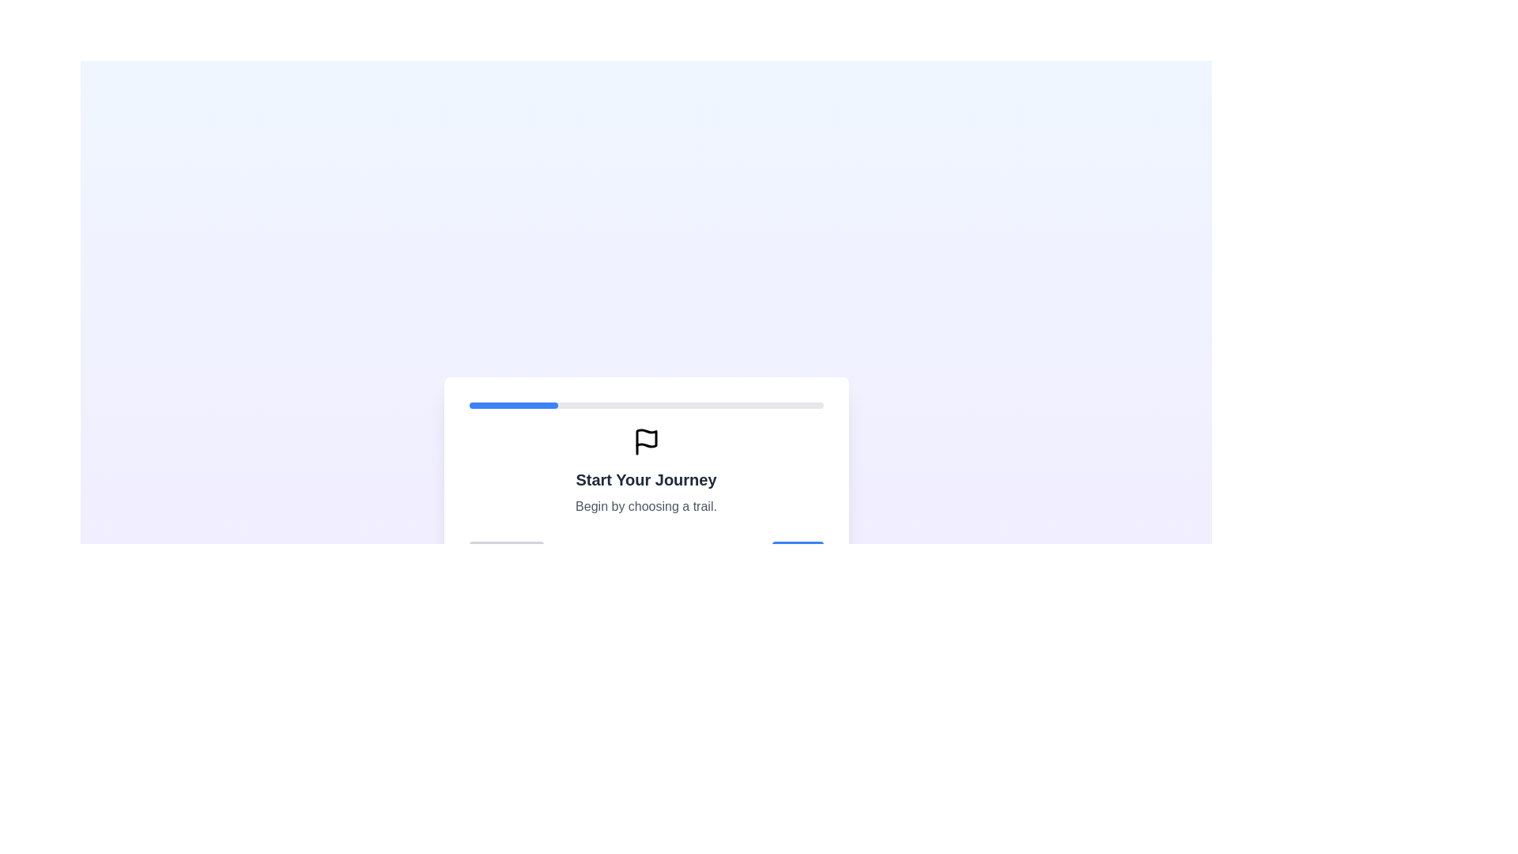 The width and height of the screenshot is (1518, 854). What do you see at coordinates (646, 471) in the screenshot?
I see `the 'Start Your Journey' informational block that features a bold serif-style header and a flag icon` at bounding box center [646, 471].